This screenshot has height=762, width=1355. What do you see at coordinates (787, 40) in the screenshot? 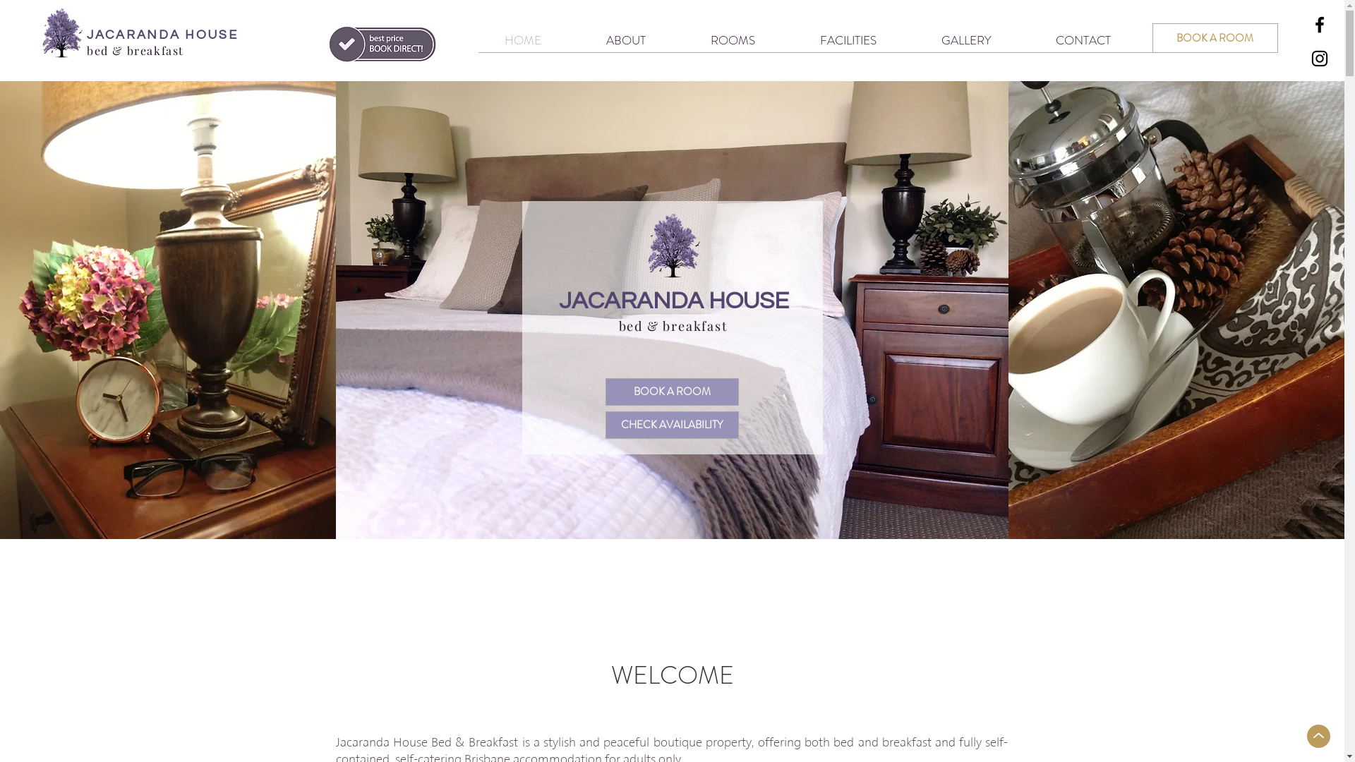
I see `'FACILITIES'` at bounding box center [787, 40].